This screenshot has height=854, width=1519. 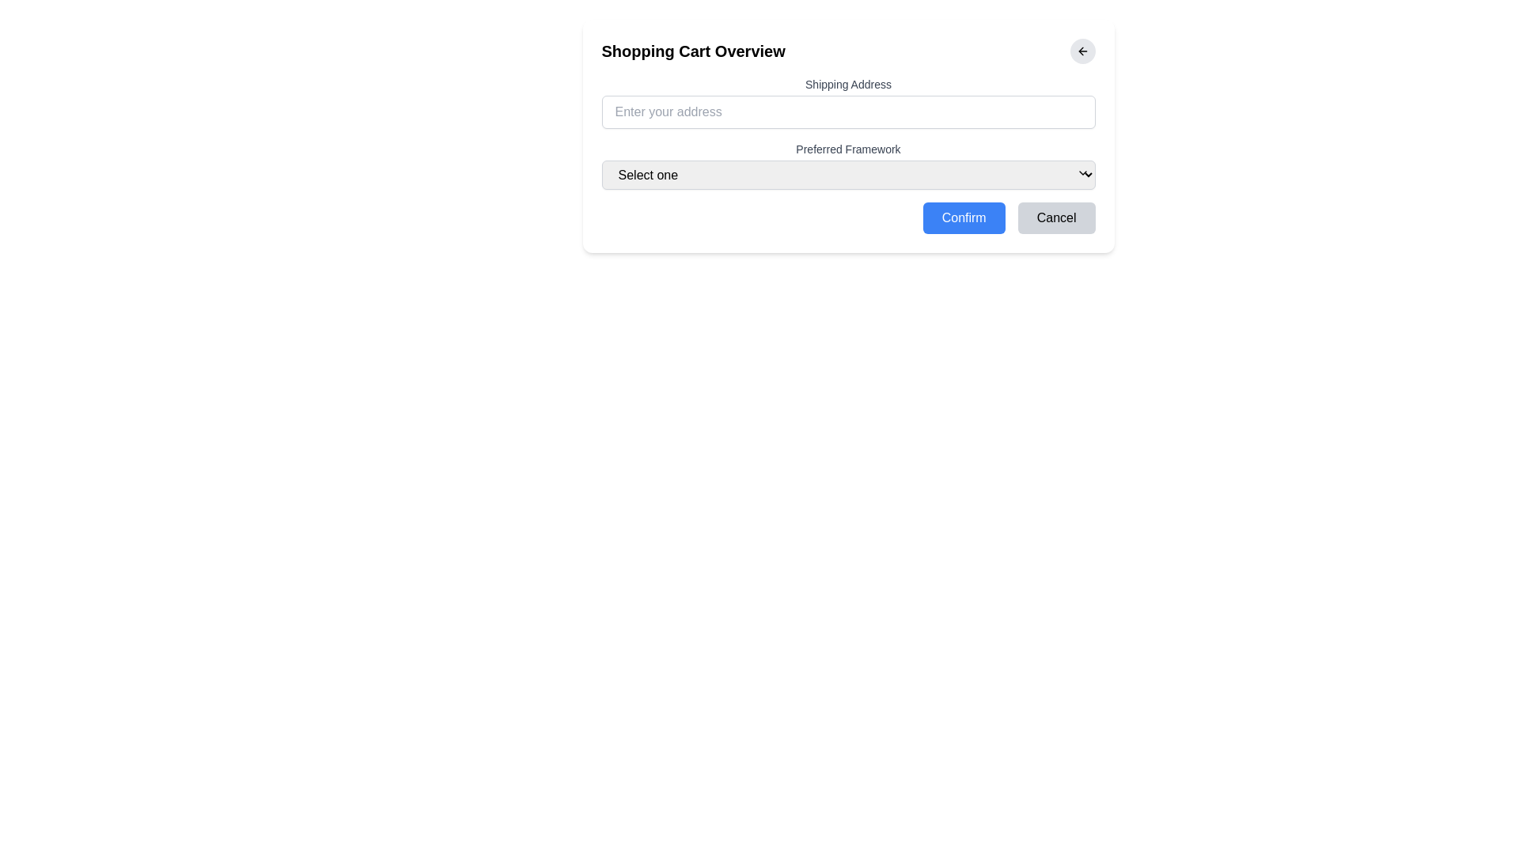 What do you see at coordinates (847, 165) in the screenshot?
I see `the 'Preferred Framework' dropdown menu` at bounding box center [847, 165].